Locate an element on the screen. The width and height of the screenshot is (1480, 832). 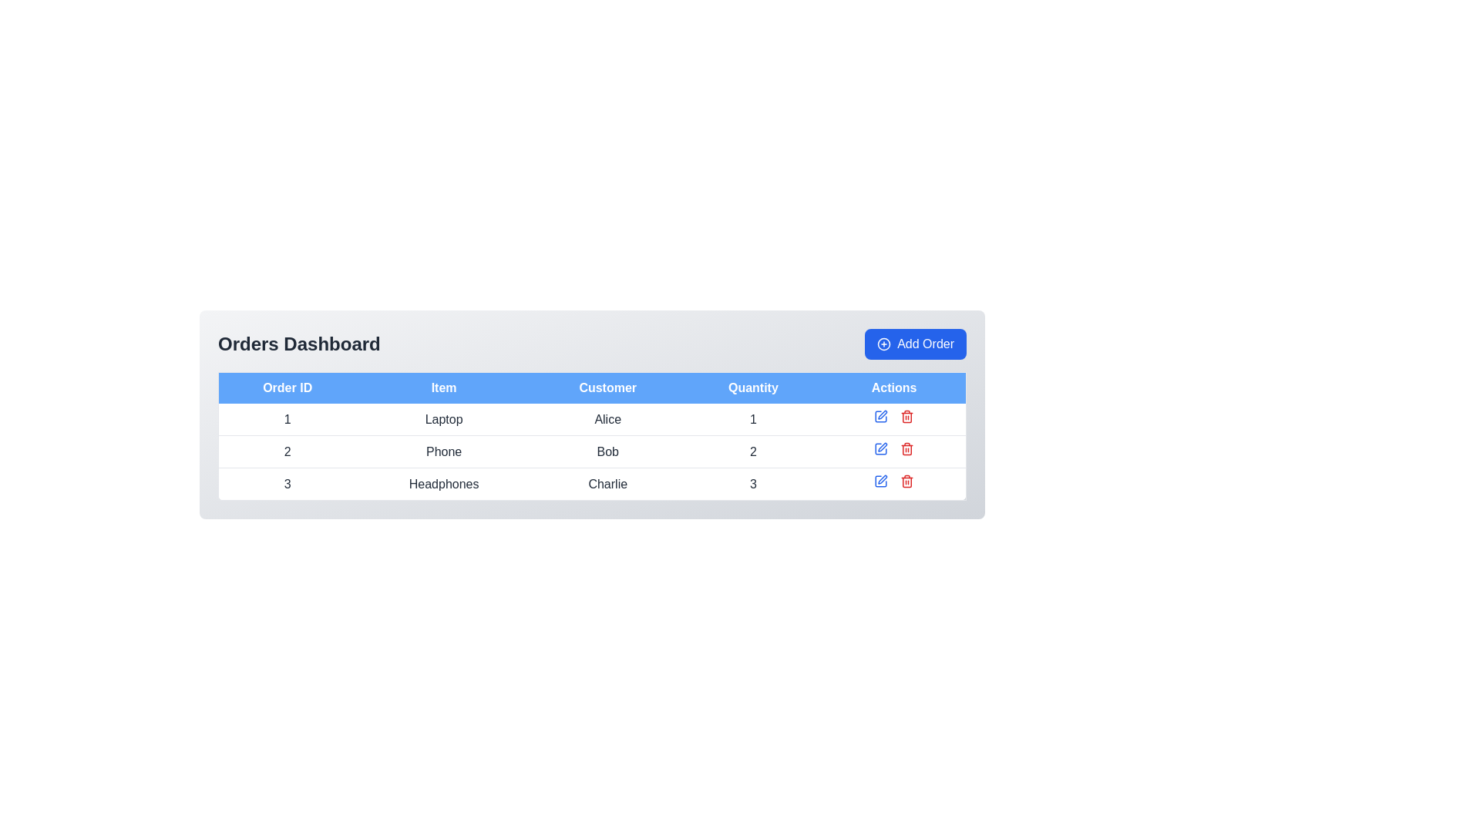
the trash can icon button located in the 'Actions' column of the third row of the table, which corresponds to the row displaying 'Headphones' is located at coordinates (907, 480).